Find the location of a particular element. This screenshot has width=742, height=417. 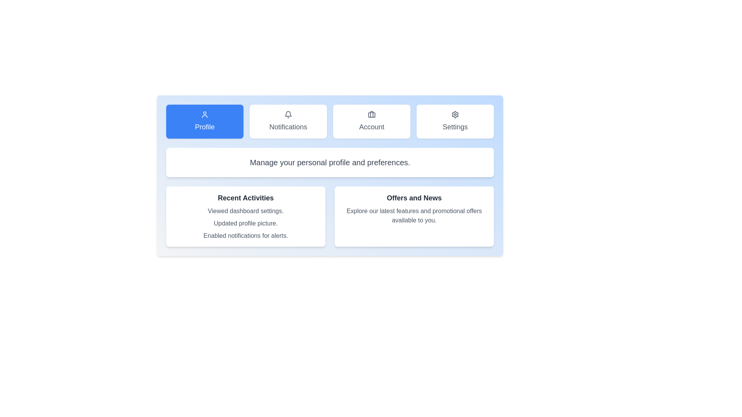

the notification bell icon, which is the second icon from the left in the top menu bar, representing notifications is located at coordinates (288, 114).